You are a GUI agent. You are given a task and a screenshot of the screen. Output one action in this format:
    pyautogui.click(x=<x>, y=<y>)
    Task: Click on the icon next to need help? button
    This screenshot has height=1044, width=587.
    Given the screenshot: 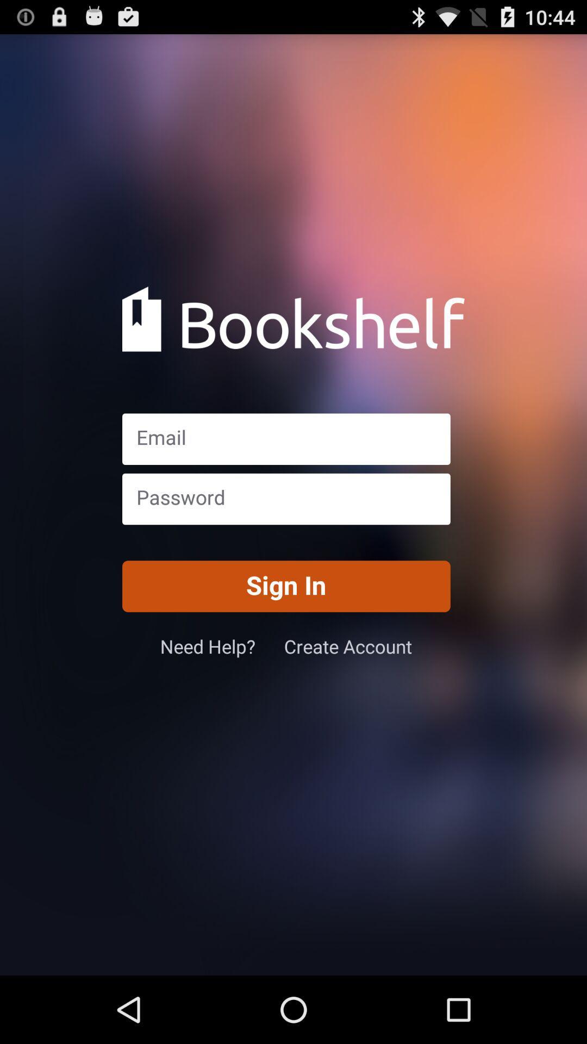 What is the action you would take?
    pyautogui.click(x=348, y=646)
    